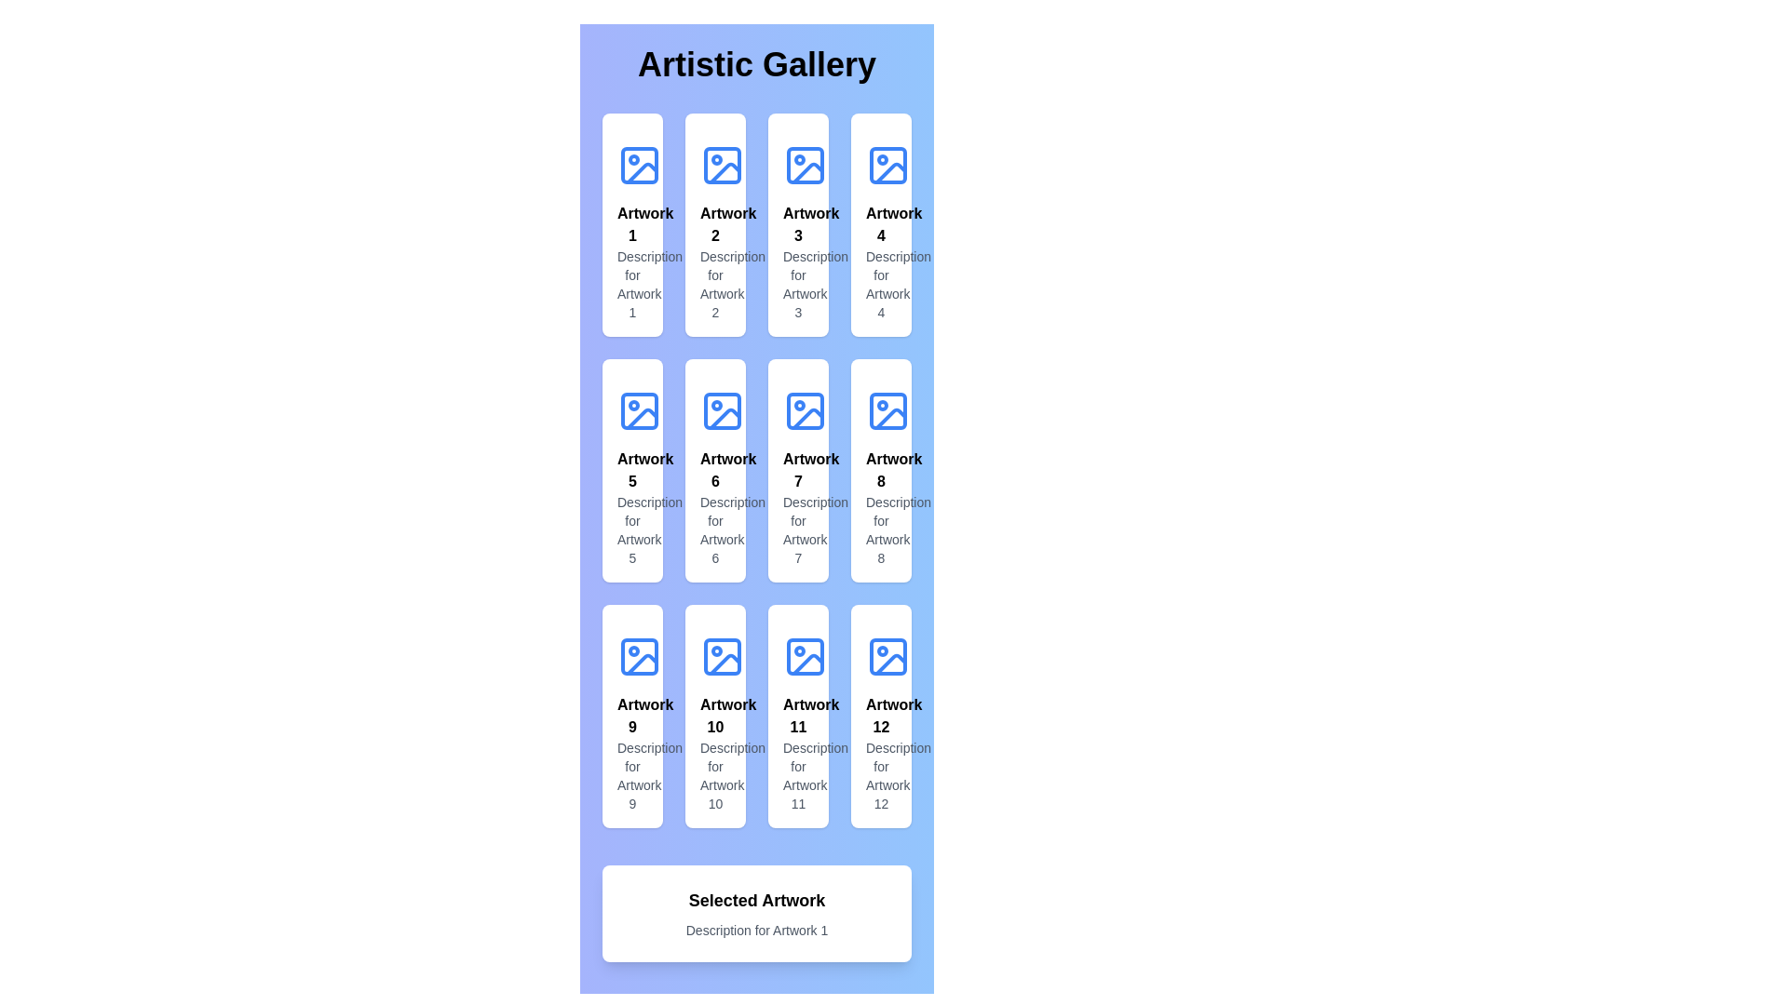 This screenshot has width=1788, height=1005. What do you see at coordinates (880, 469) in the screenshot?
I see `the Card UI component representing an artwork entry in the second row, fourth column of the grid layout` at bounding box center [880, 469].